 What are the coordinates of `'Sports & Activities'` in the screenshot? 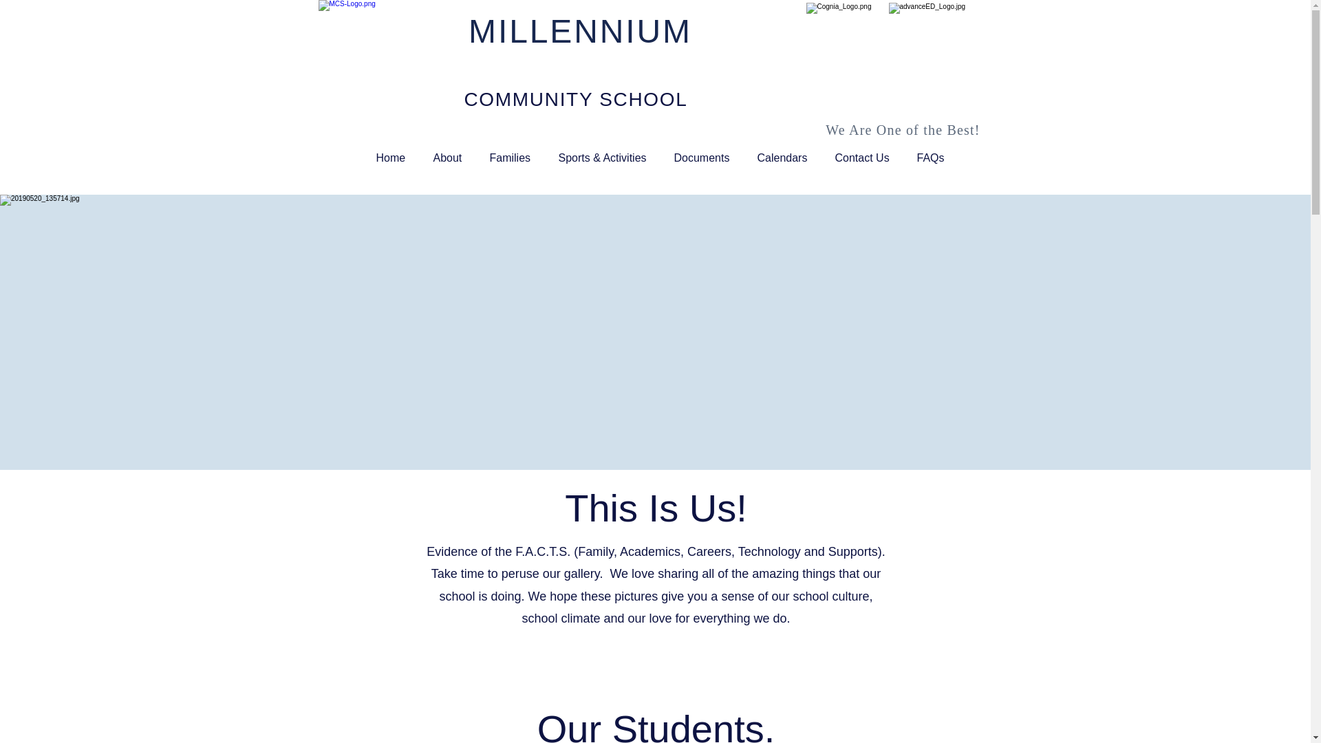 It's located at (544, 158).